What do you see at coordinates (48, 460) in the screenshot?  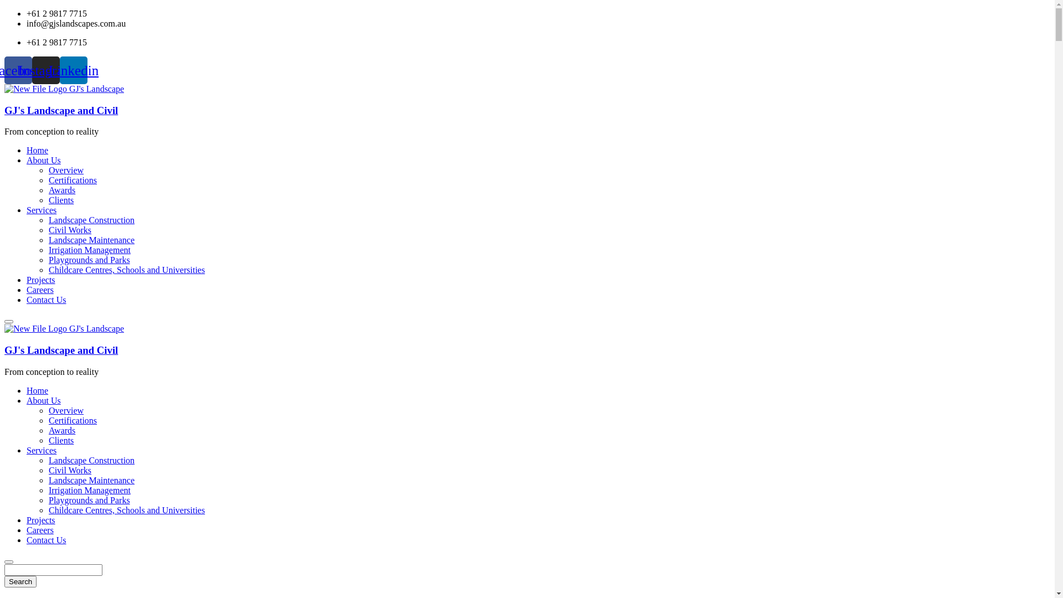 I see `'Landscape Construction'` at bounding box center [48, 460].